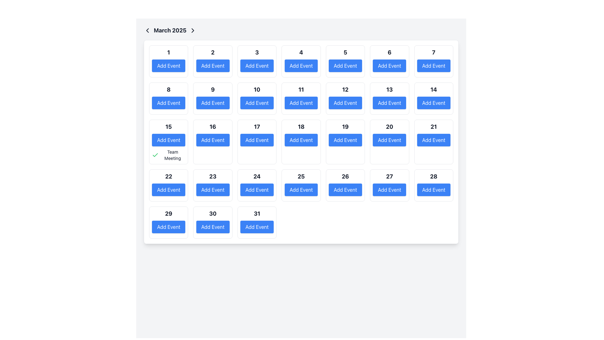 This screenshot has height=340, width=604. What do you see at coordinates (345, 139) in the screenshot?
I see `the button in the calendar for the 19th day to change its background color` at bounding box center [345, 139].